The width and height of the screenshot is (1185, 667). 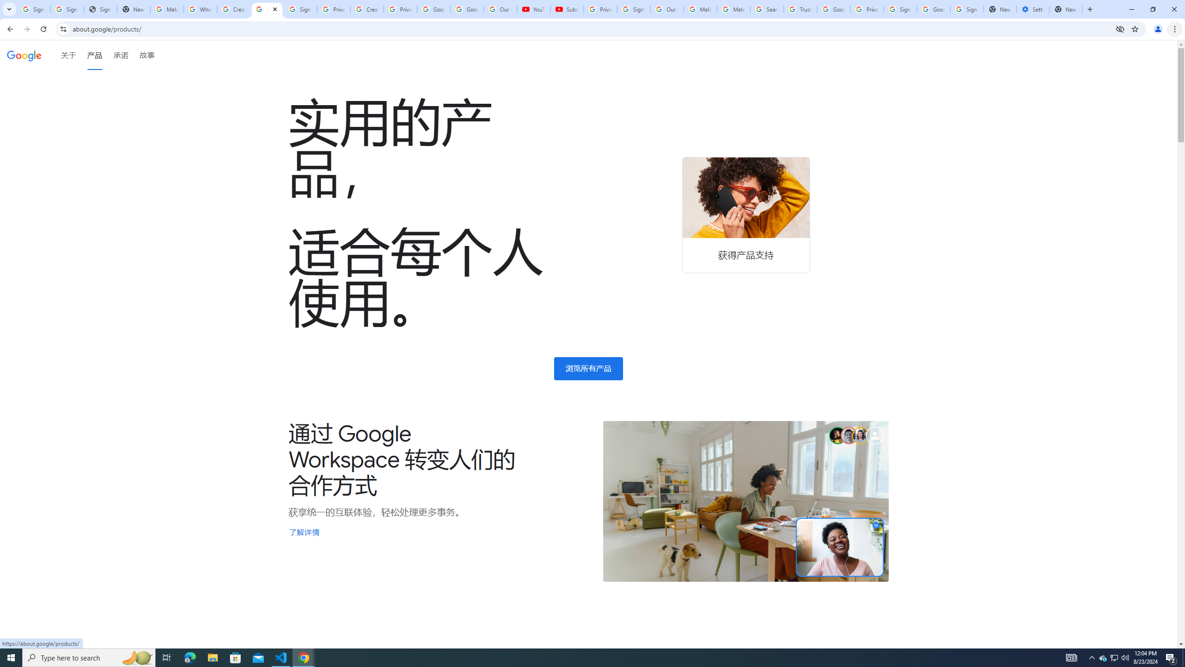 What do you see at coordinates (100, 9) in the screenshot?
I see `'Sign In - USA TODAY'` at bounding box center [100, 9].